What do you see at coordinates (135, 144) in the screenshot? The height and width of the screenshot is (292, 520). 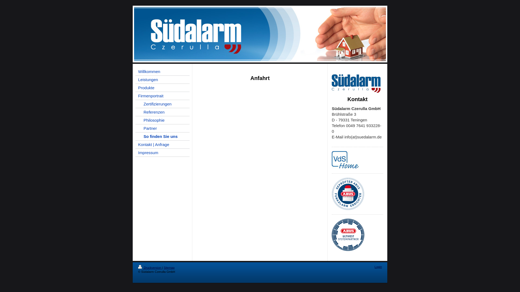 I see `'Kontakt | Anfrage'` at bounding box center [135, 144].